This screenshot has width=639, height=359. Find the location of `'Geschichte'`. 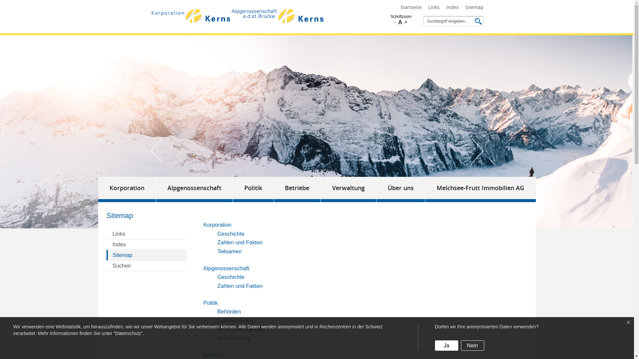

'Geschichte' is located at coordinates (231, 233).